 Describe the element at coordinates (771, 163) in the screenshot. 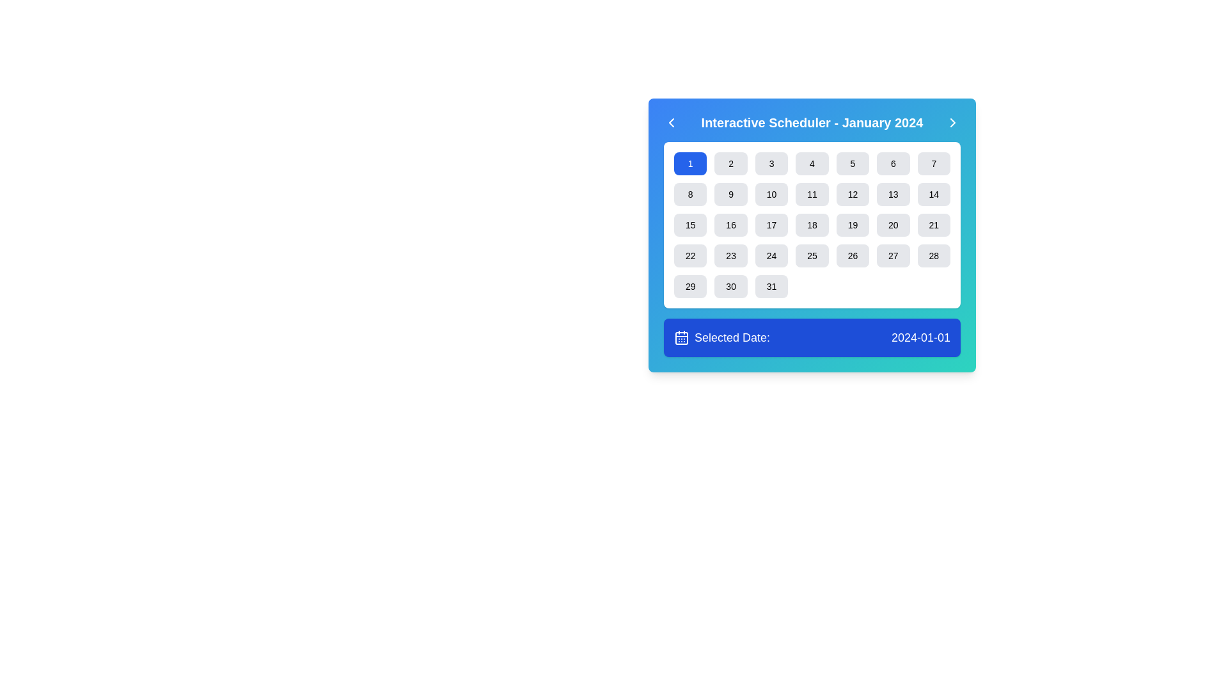

I see `the button labeled '3' in the calendar grid` at that location.